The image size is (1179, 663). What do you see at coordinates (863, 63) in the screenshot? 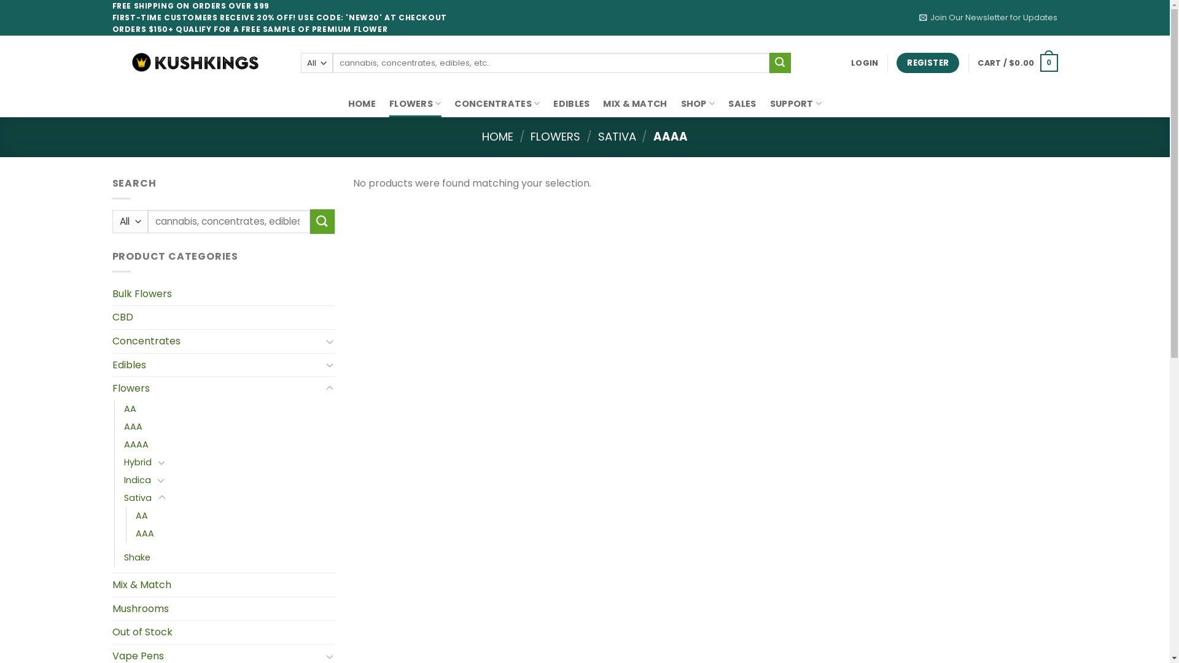
I see `'LOGIN'` at bounding box center [863, 63].